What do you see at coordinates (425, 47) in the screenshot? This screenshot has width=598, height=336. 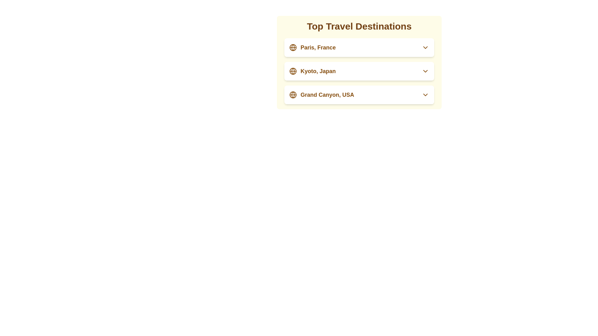 I see `the downward-pointing brown chevron icon located at the far-right side of the 'Paris, France' selection button` at bounding box center [425, 47].